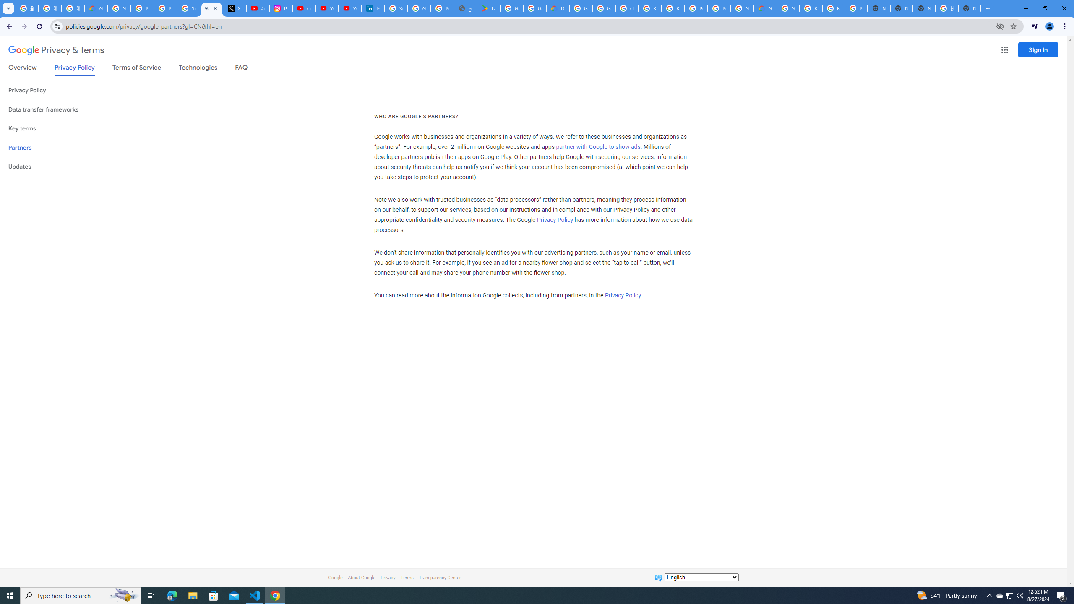  What do you see at coordinates (597, 147) in the screenshot?
I see `'partner with Google to show ads'` at bounding box center [597, 147].